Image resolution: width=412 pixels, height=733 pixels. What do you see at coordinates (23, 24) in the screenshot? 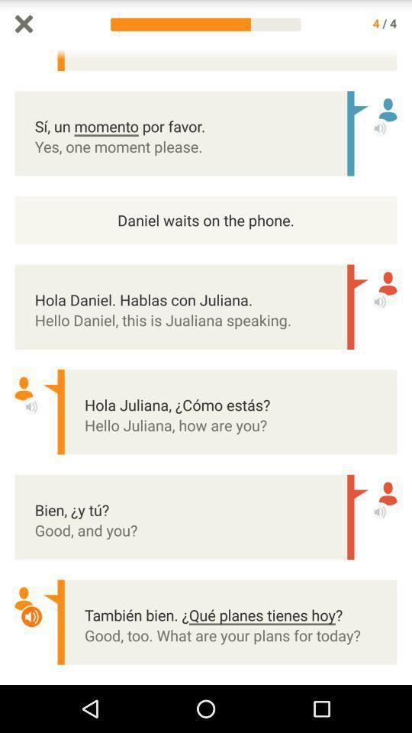
I see `the close icon` at bounding box center [23, 24].